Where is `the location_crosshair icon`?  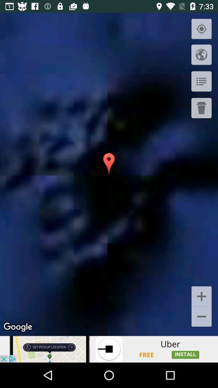 the location_crosshair icon is located at coordinates (201, 29).